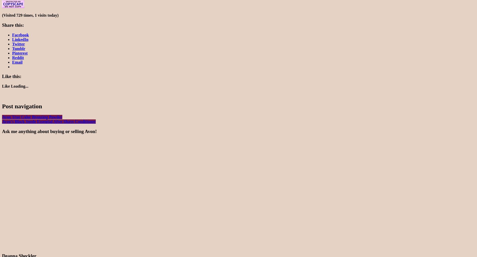  I want to click on 'Avon’s Black Suede Essential After Shave Conditioner', so click(2, 121).